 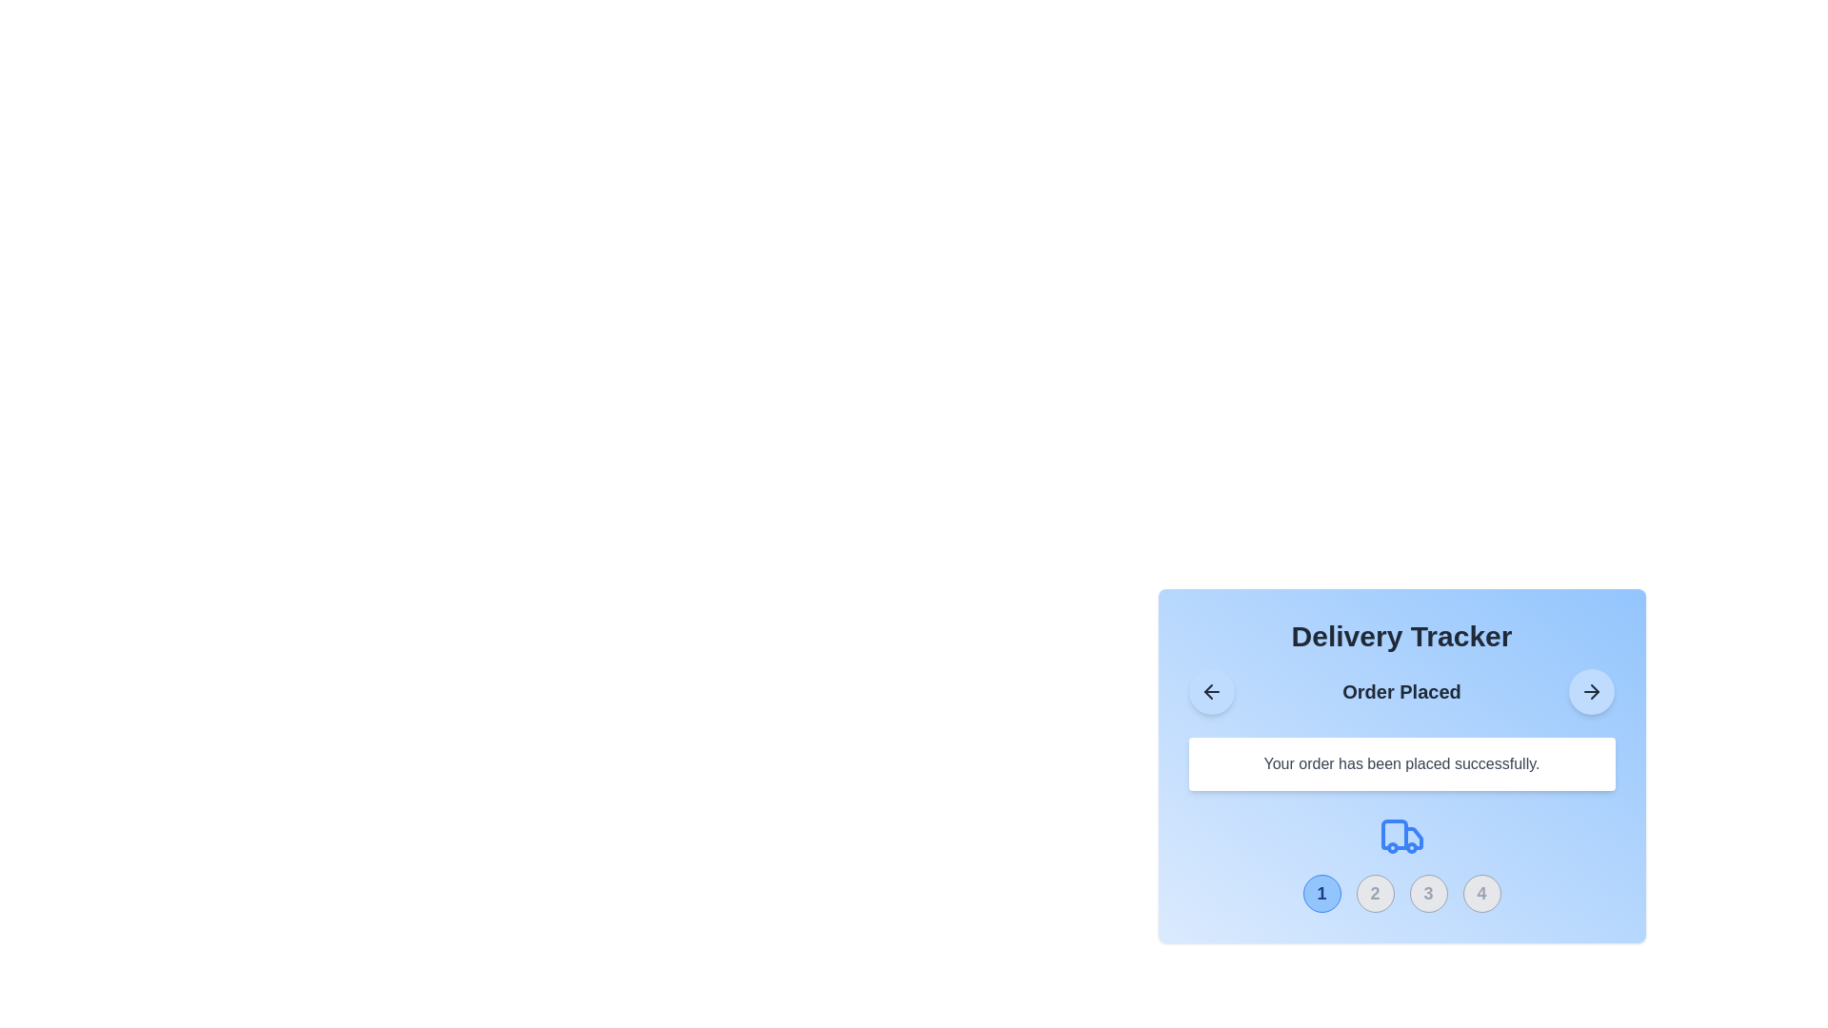 What do you see at coordinates (1592, 691) in the screenshot?
I see `the rightward arrow icon within the circular button located in the top-right corner of the delivery tracker interface` at bounding box center [1592, 691].